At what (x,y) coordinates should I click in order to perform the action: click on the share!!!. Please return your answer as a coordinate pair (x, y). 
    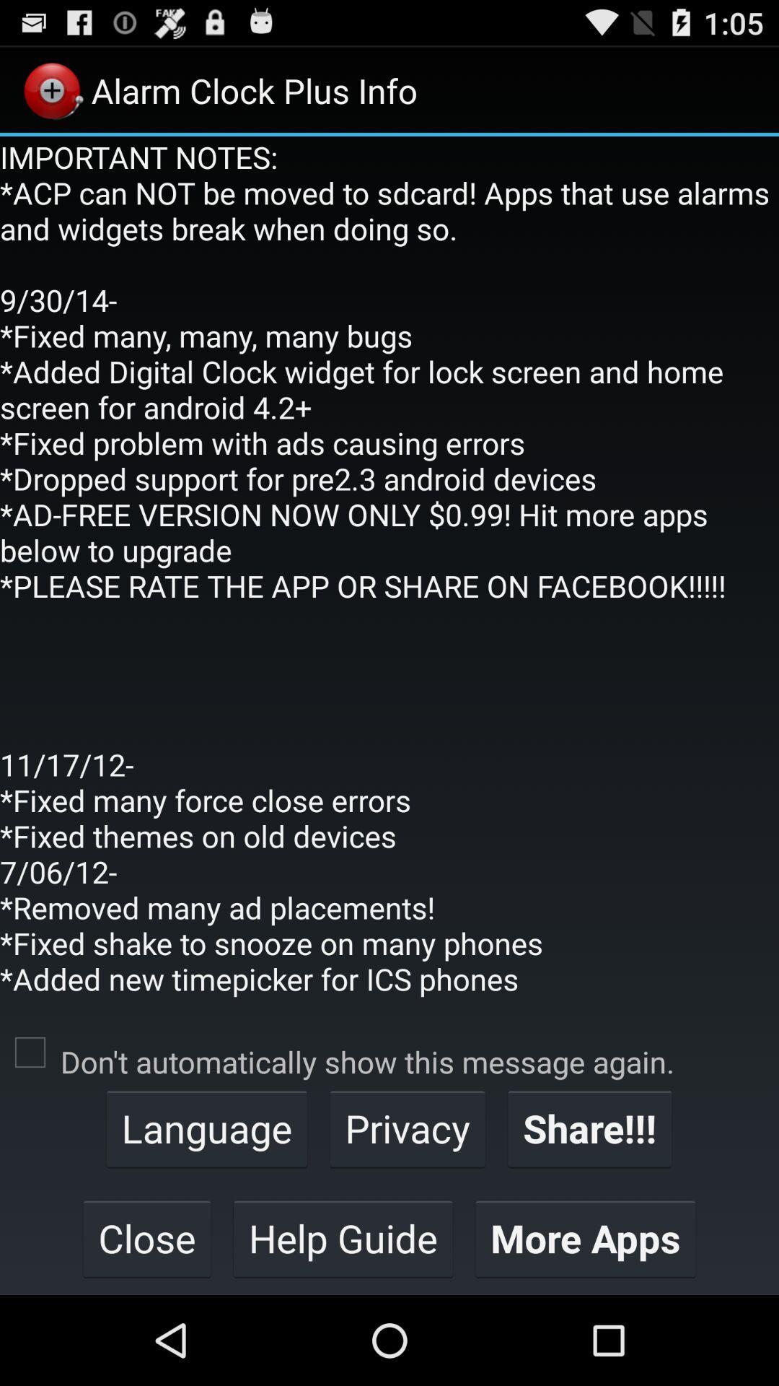
    Looking at the image, I should click on (589, 1128).